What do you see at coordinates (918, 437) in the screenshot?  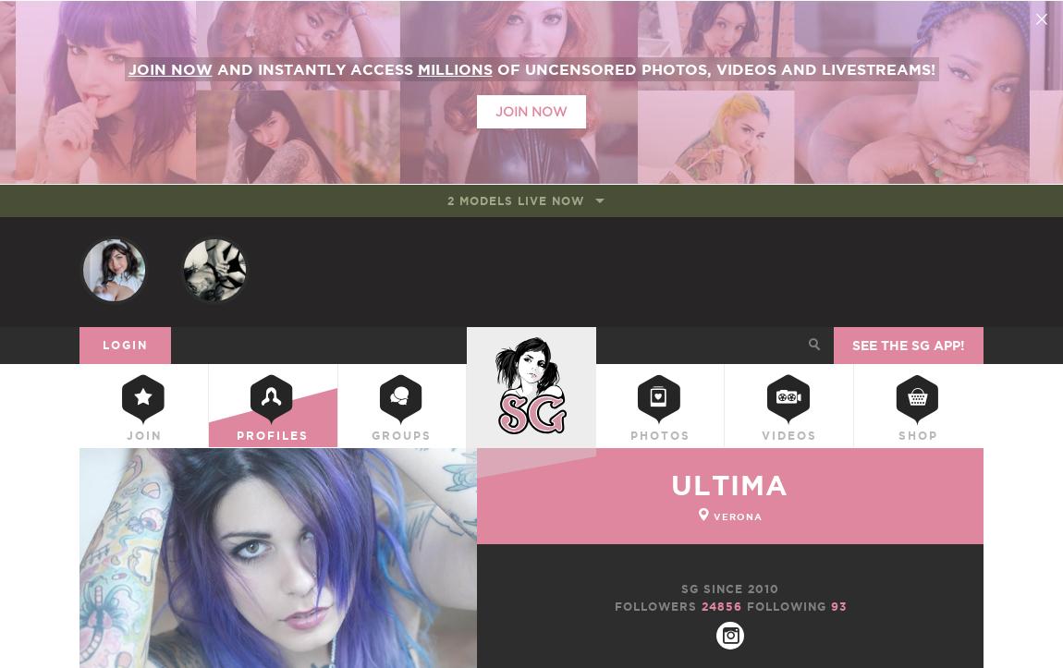 I see `'Shop'` at bounding box center [918, 437].